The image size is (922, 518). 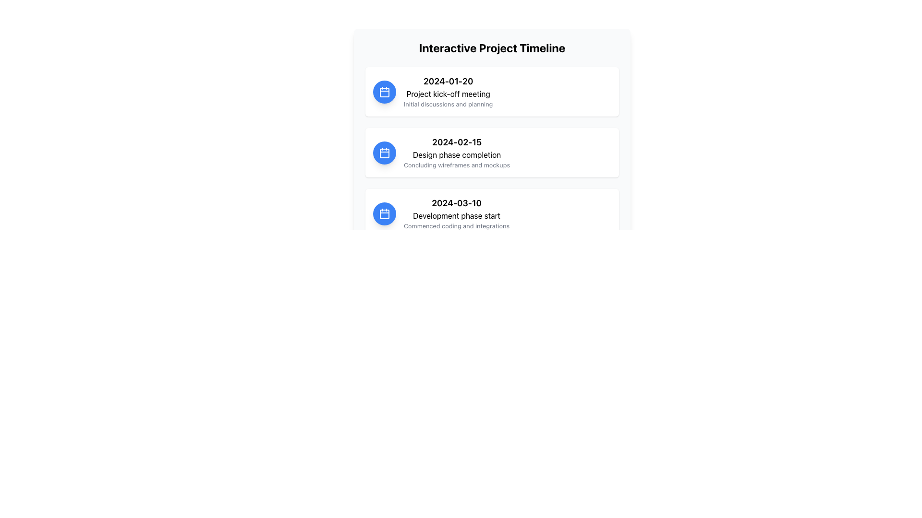 What do you see at coordinates (385, 92) in the screenshot?
I see `the inner rectangular decorative element of the calendar icon, which is located within the blue circular background` at bounding box center [385, 92].